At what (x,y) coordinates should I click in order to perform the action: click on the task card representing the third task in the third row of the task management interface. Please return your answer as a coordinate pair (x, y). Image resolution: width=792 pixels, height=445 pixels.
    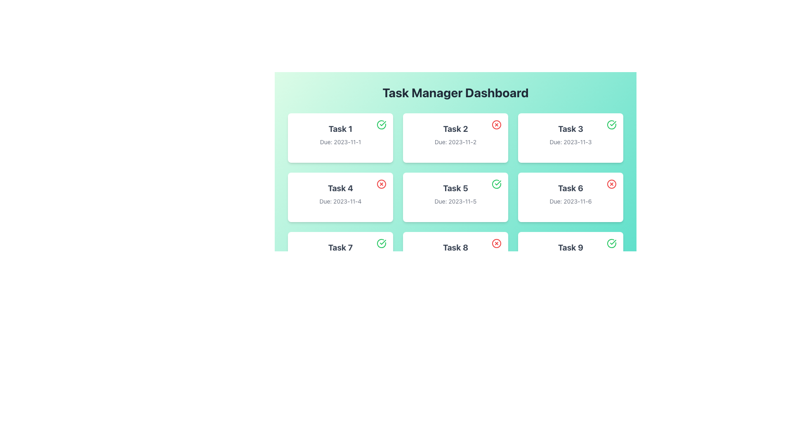
    Looking at the image, I should click on (570, 256).